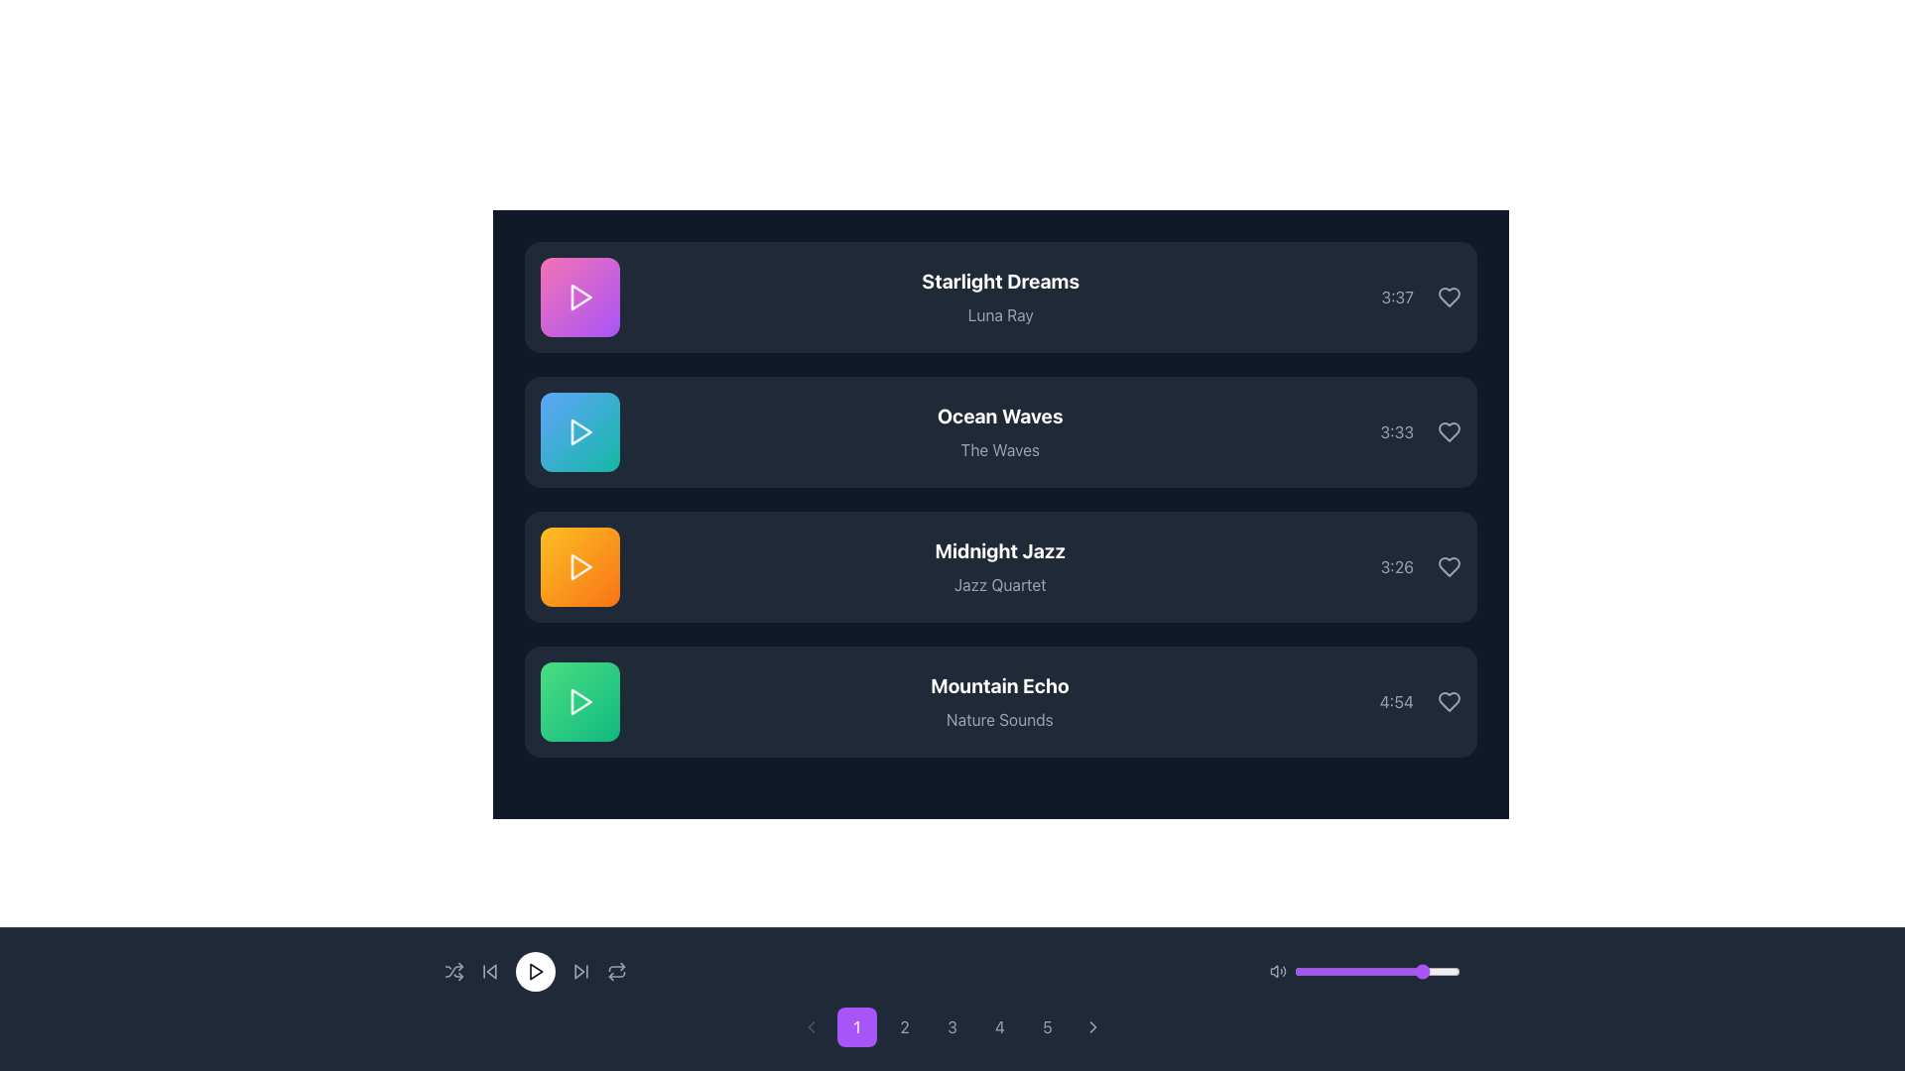 The height and width of the screenshot is (1071, 1905). What do you see at coordinates (1333, 970) in the screenshot?
I see `the volume` at bounding box center [1333, 970].